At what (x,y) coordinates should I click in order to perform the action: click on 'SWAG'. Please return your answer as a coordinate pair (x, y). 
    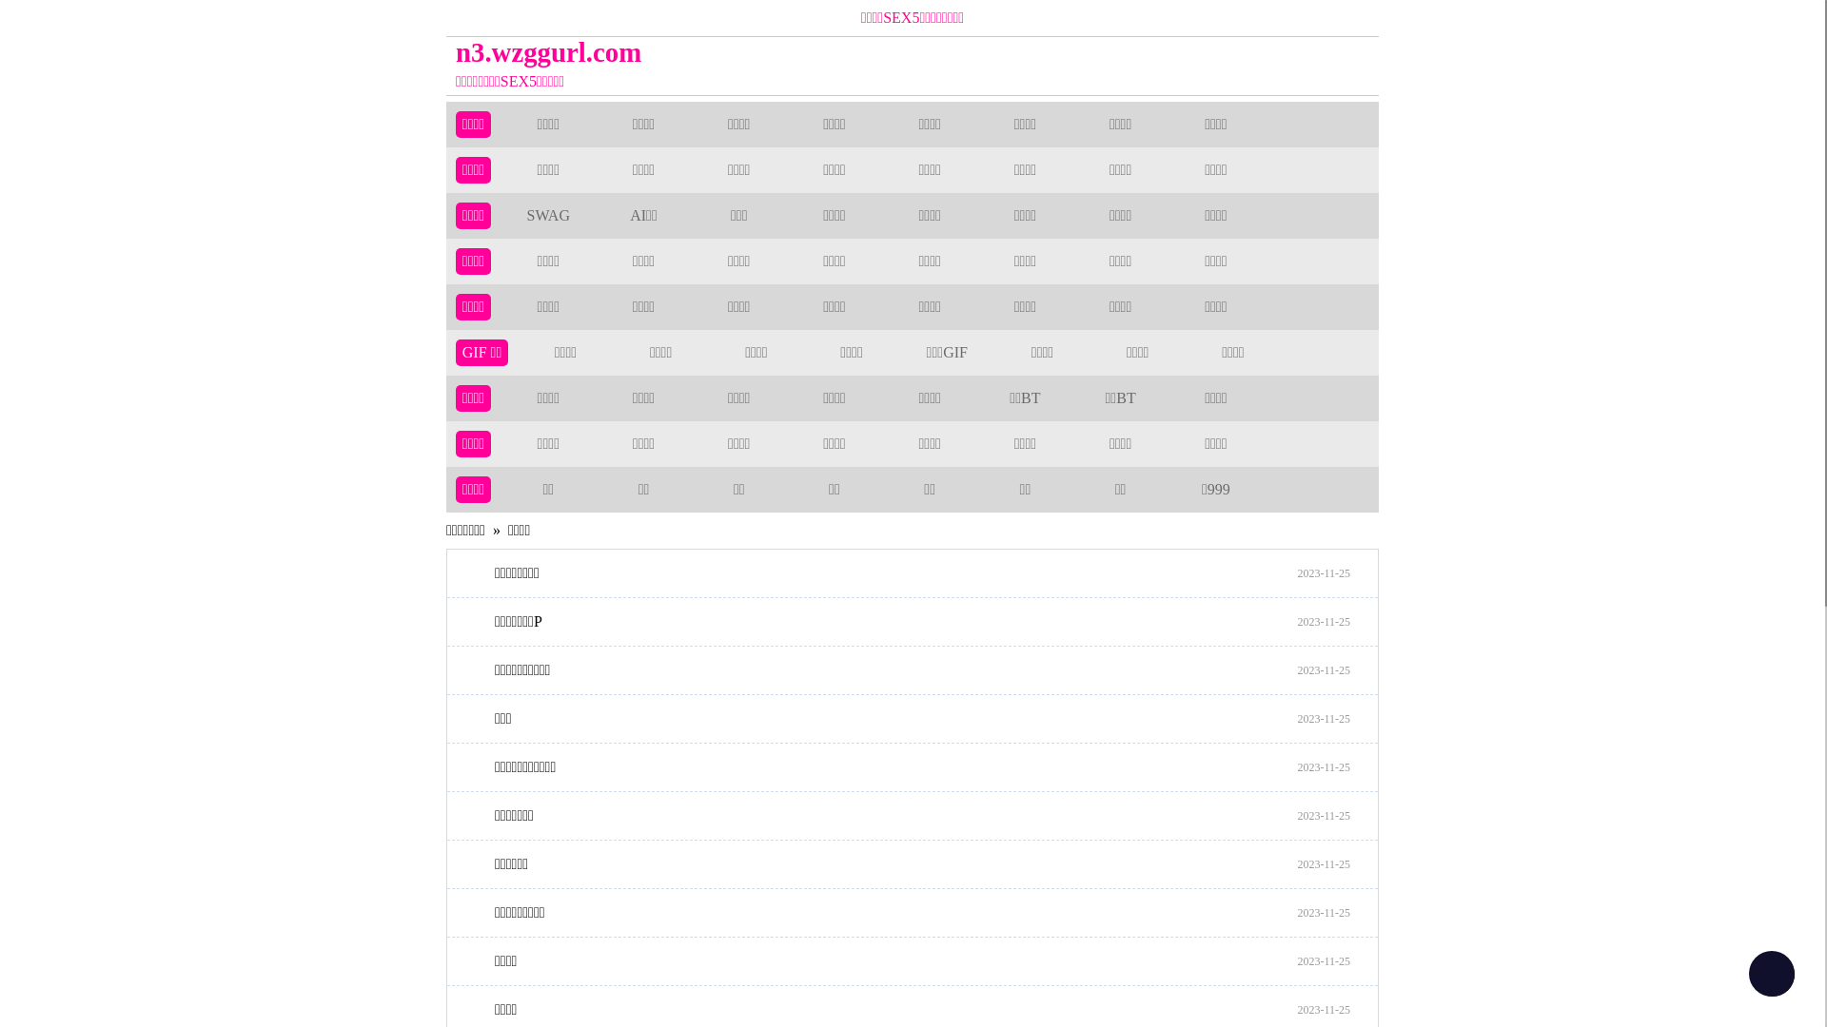
    Looking at the image, I should click on (547, 214).